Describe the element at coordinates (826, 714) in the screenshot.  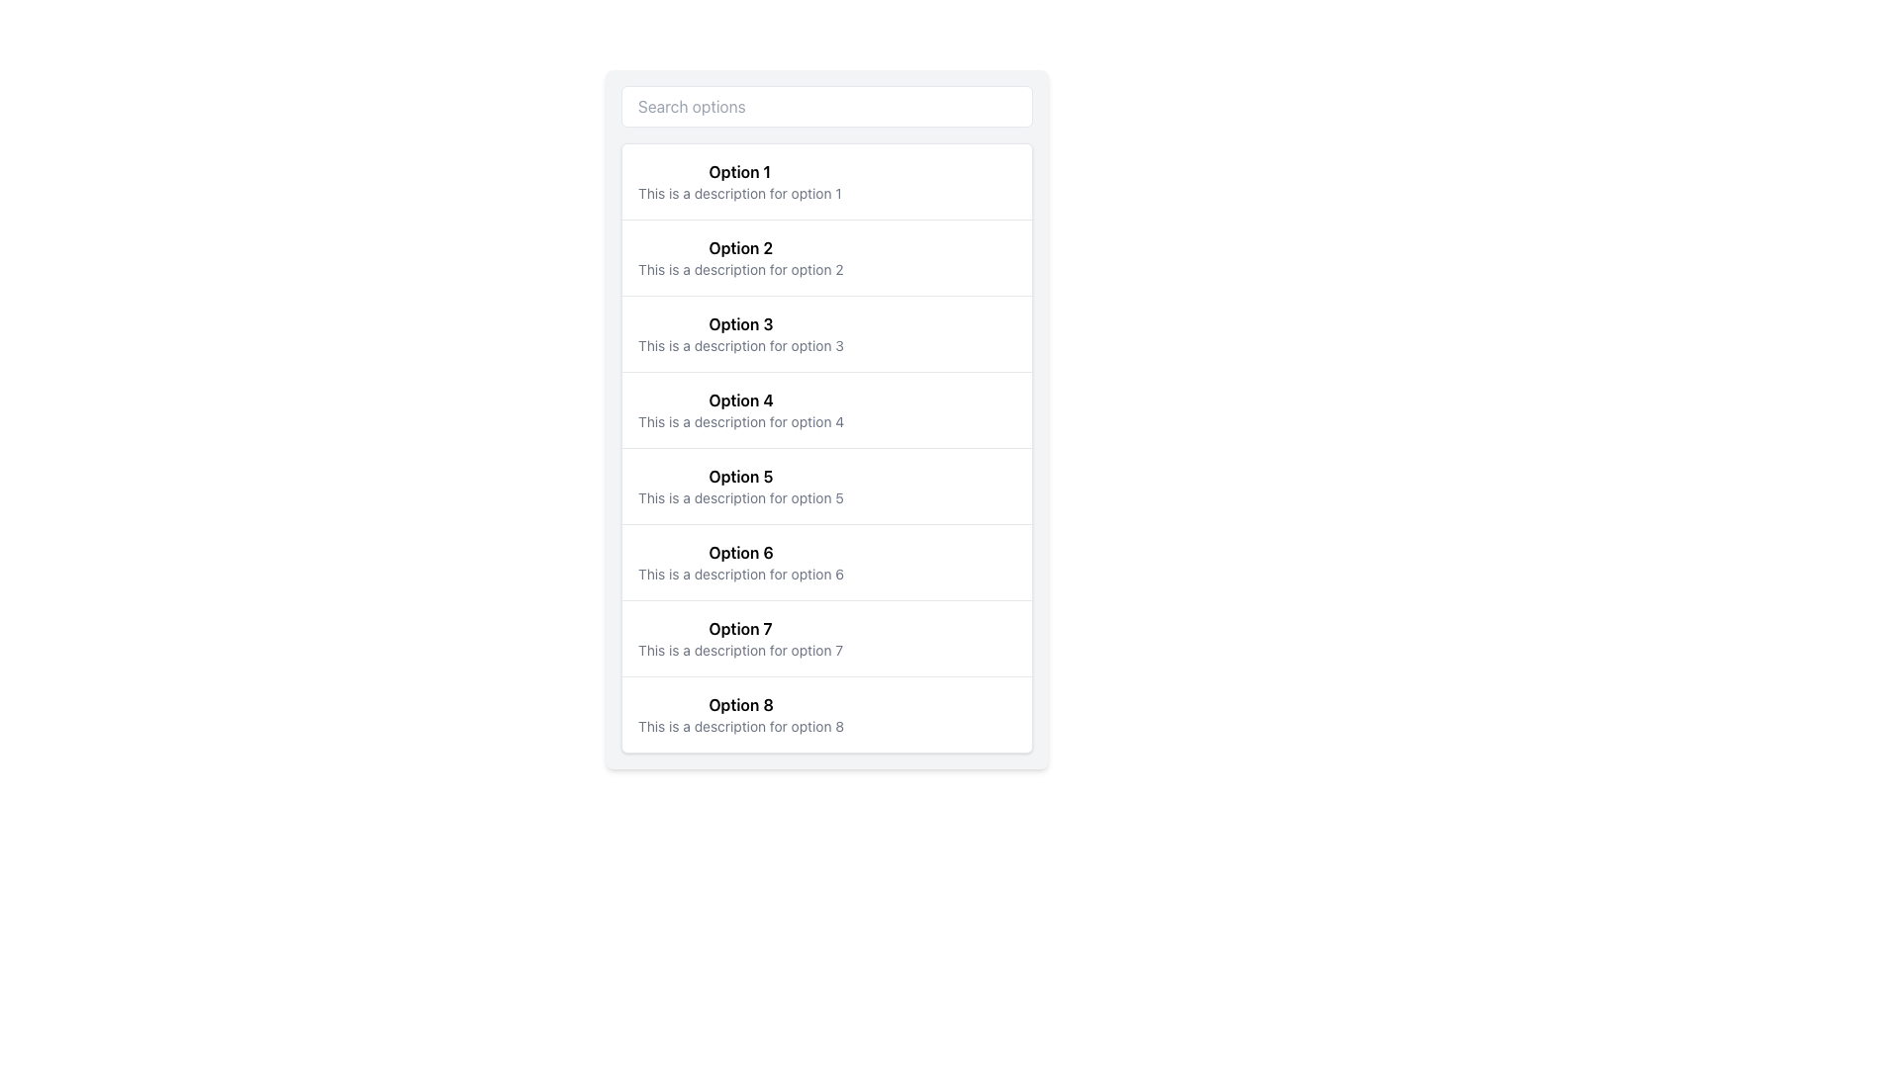
I see `the eighth list item labeled 'Option 8'` at that location.